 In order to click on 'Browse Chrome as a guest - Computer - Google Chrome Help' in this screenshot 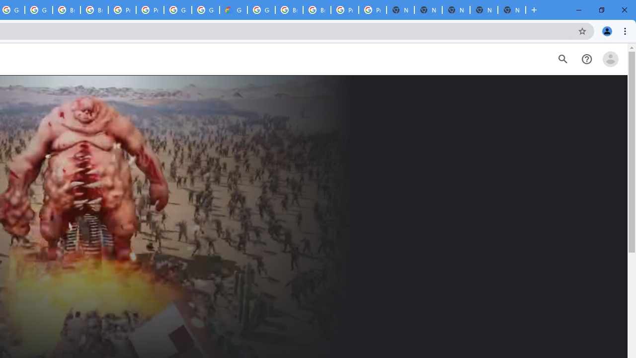, I will do `click(317, 10)`.